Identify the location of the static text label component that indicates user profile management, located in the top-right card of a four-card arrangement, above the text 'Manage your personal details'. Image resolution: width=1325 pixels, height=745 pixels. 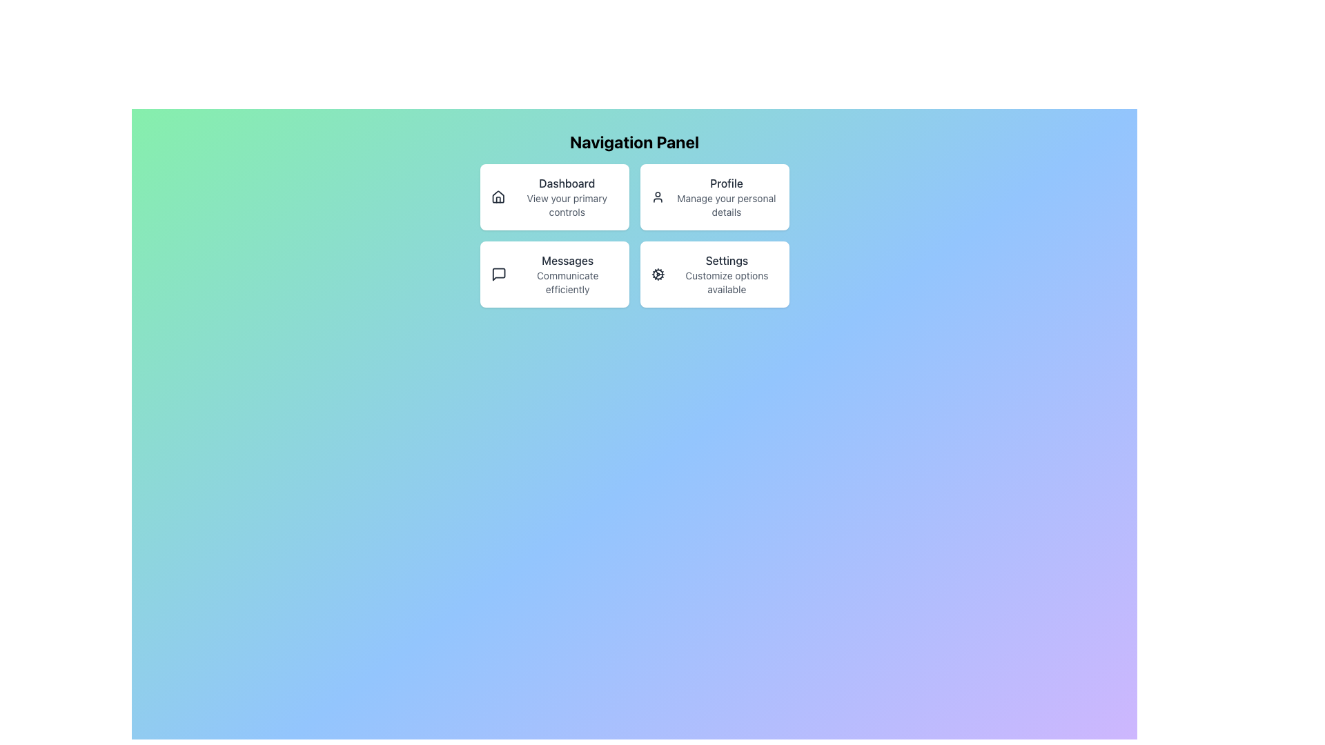
(725, 183).